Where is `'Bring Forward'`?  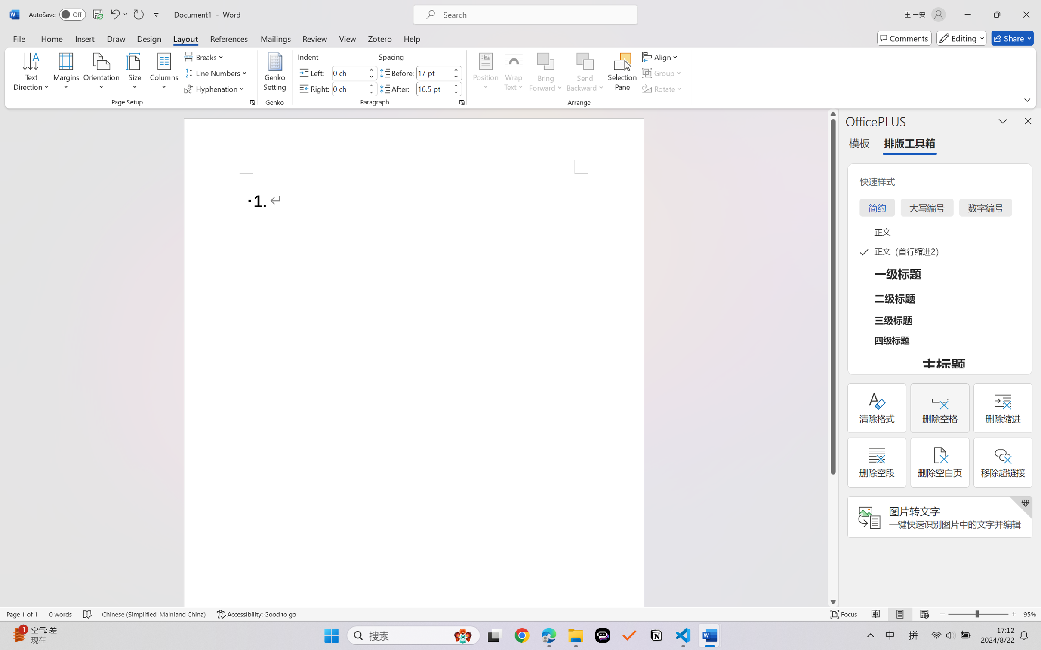
'Bring Forward' is located at coordinates (546, 61).